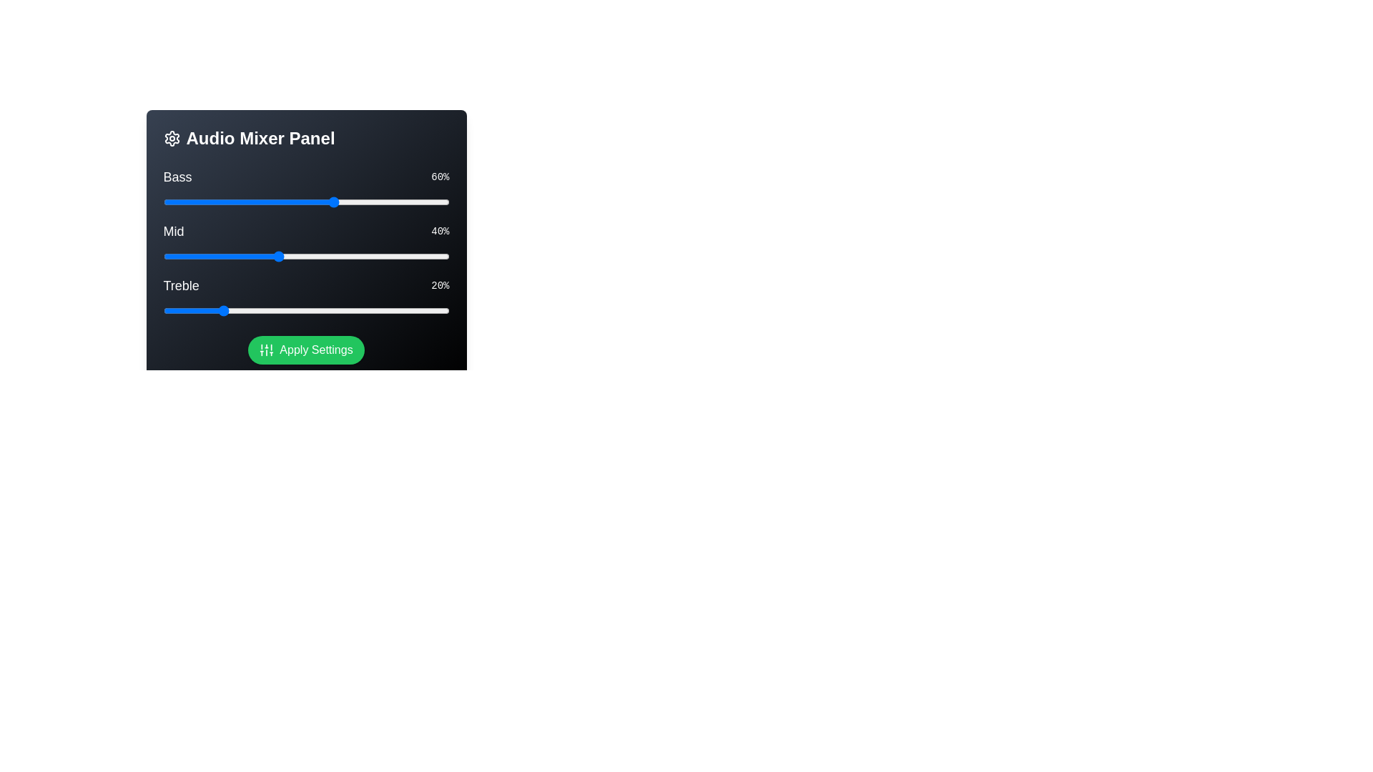  What do you see at coordinates (243, 255) in the screenshot?
I see `the 'Mid' slider to 28%` at bounding box center [243, 255].